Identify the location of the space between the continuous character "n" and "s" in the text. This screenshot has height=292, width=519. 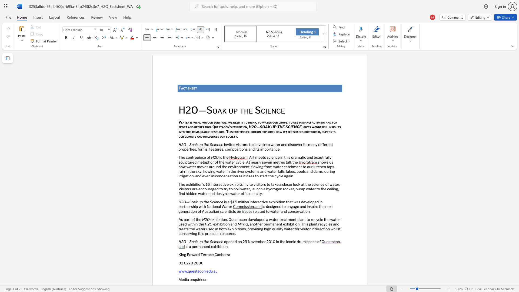
(245, 149).